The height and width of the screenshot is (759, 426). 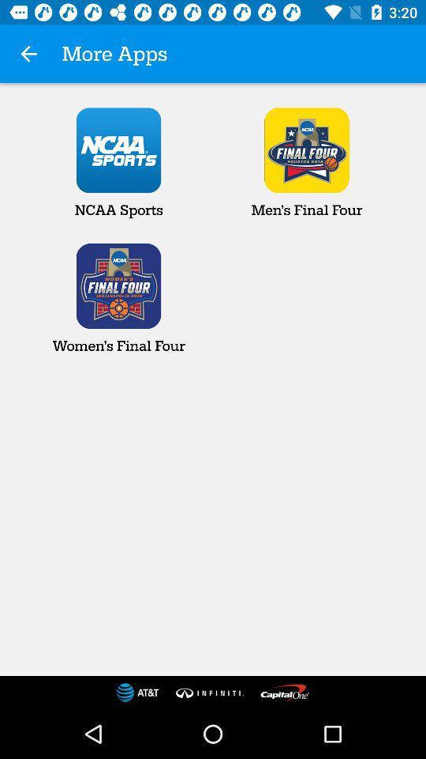 What do you see at coordinates (28, 54) in the screenshot?
I see `the app next to more apps app` at bounding box center [28, 54].